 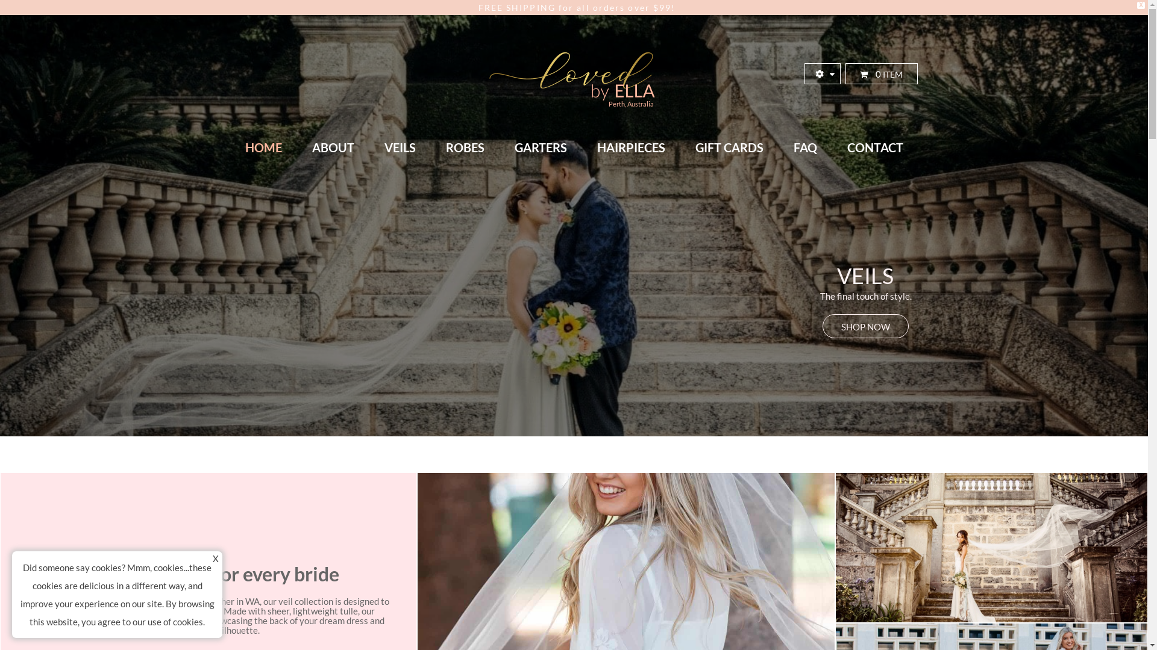 What do you see at coordinates (333, 147) in the screenshot?
I see `'ABOUT'` at bounding box center [333, 147].